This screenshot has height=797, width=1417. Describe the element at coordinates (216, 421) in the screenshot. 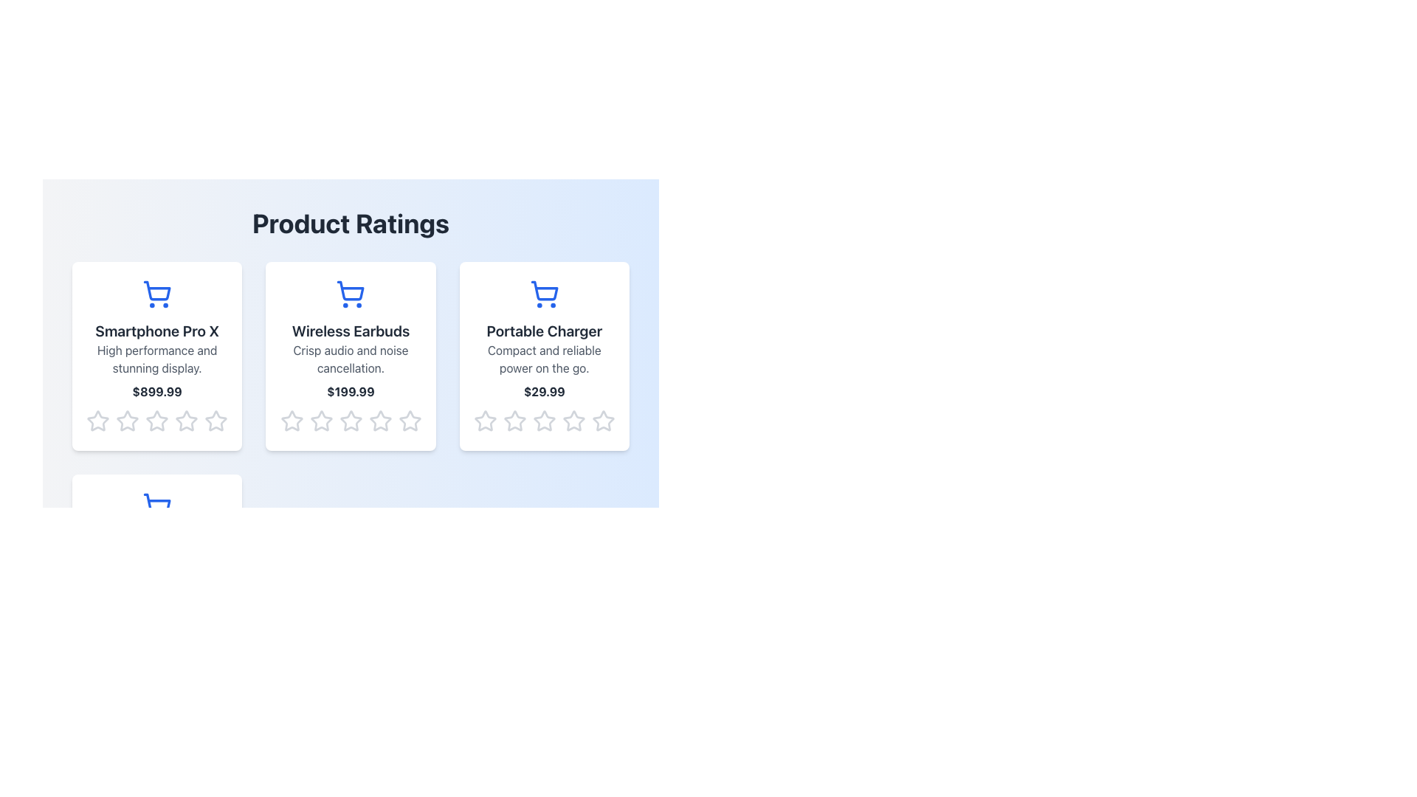

I see `the fifth gray, hollow star icon in the 'Product Ratings' section below the product description card for the 'Smartphone Pro X' to observe the interaction effect` at that location.